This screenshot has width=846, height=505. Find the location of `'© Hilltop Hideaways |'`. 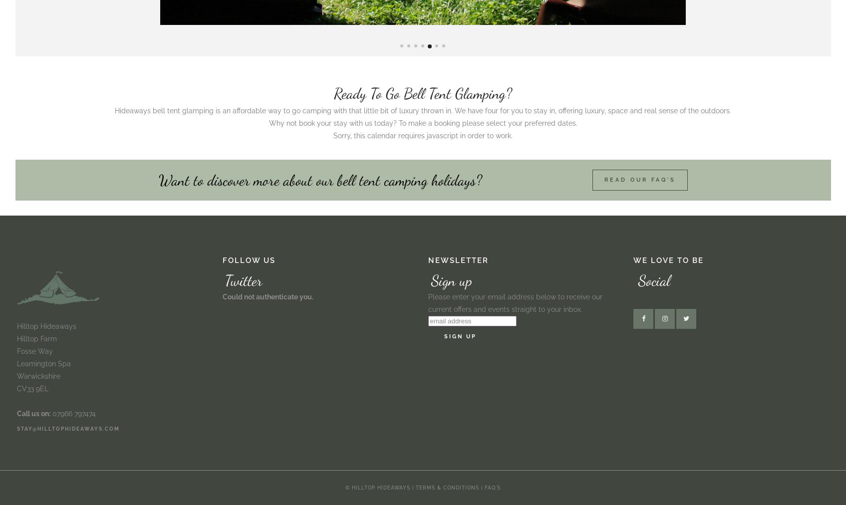

'© Hilltop Hideaways |' is located at coordinates (380, 488).